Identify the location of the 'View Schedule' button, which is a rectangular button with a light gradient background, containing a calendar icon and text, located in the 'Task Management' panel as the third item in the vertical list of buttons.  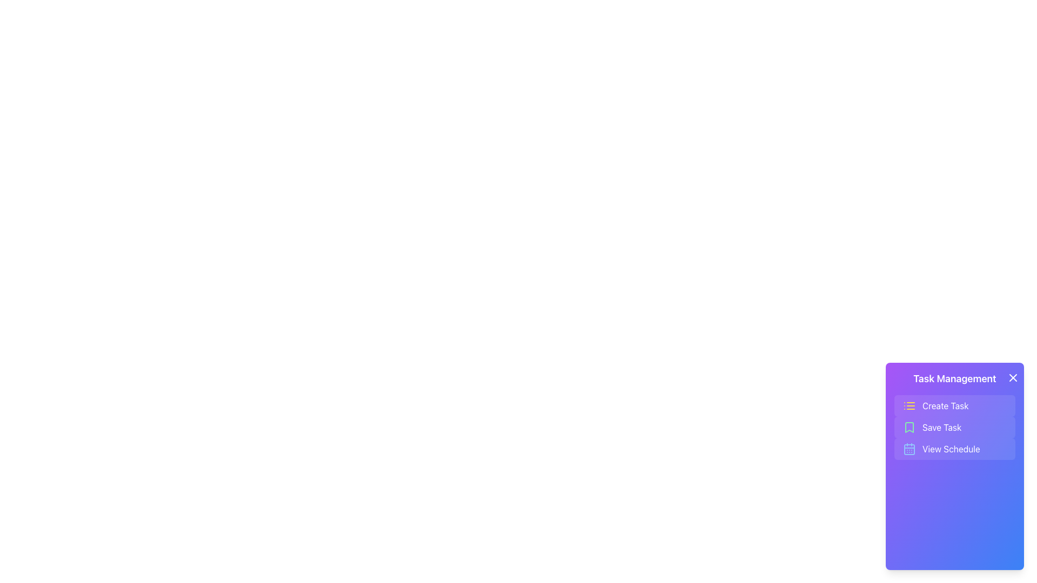
(954, 449).